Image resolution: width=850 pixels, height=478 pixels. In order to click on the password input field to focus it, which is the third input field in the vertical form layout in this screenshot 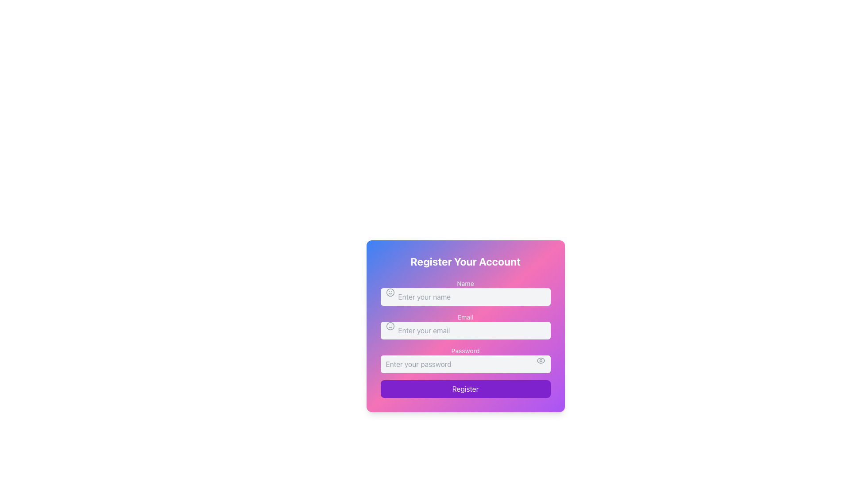, I will do `click(465, 360)`.